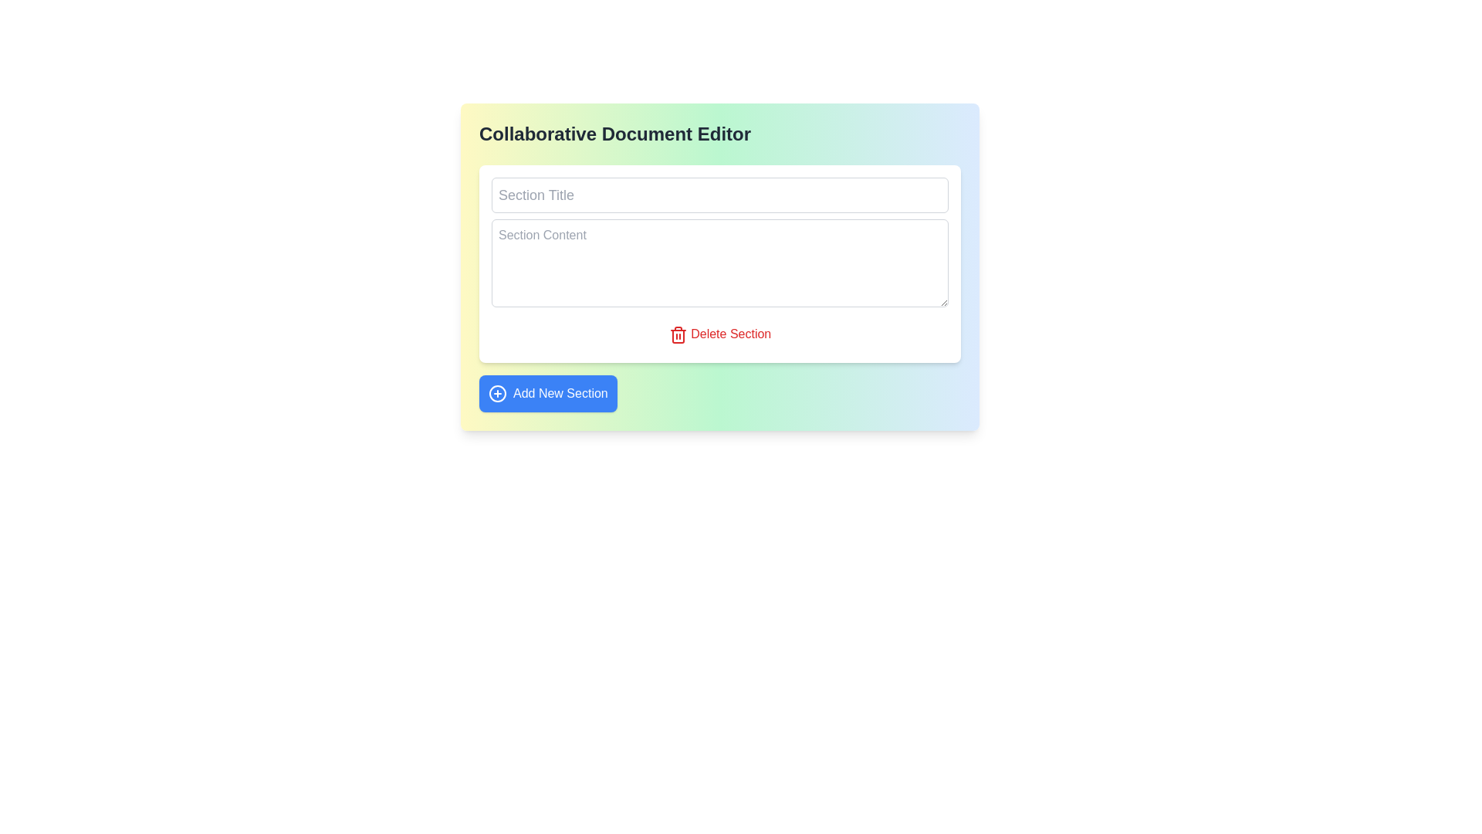 This screenshot has width=1482, height=834. I want to click on the button located at the bottom-left of the 'Collaborative Document Editor' panel, so click(548, 392).